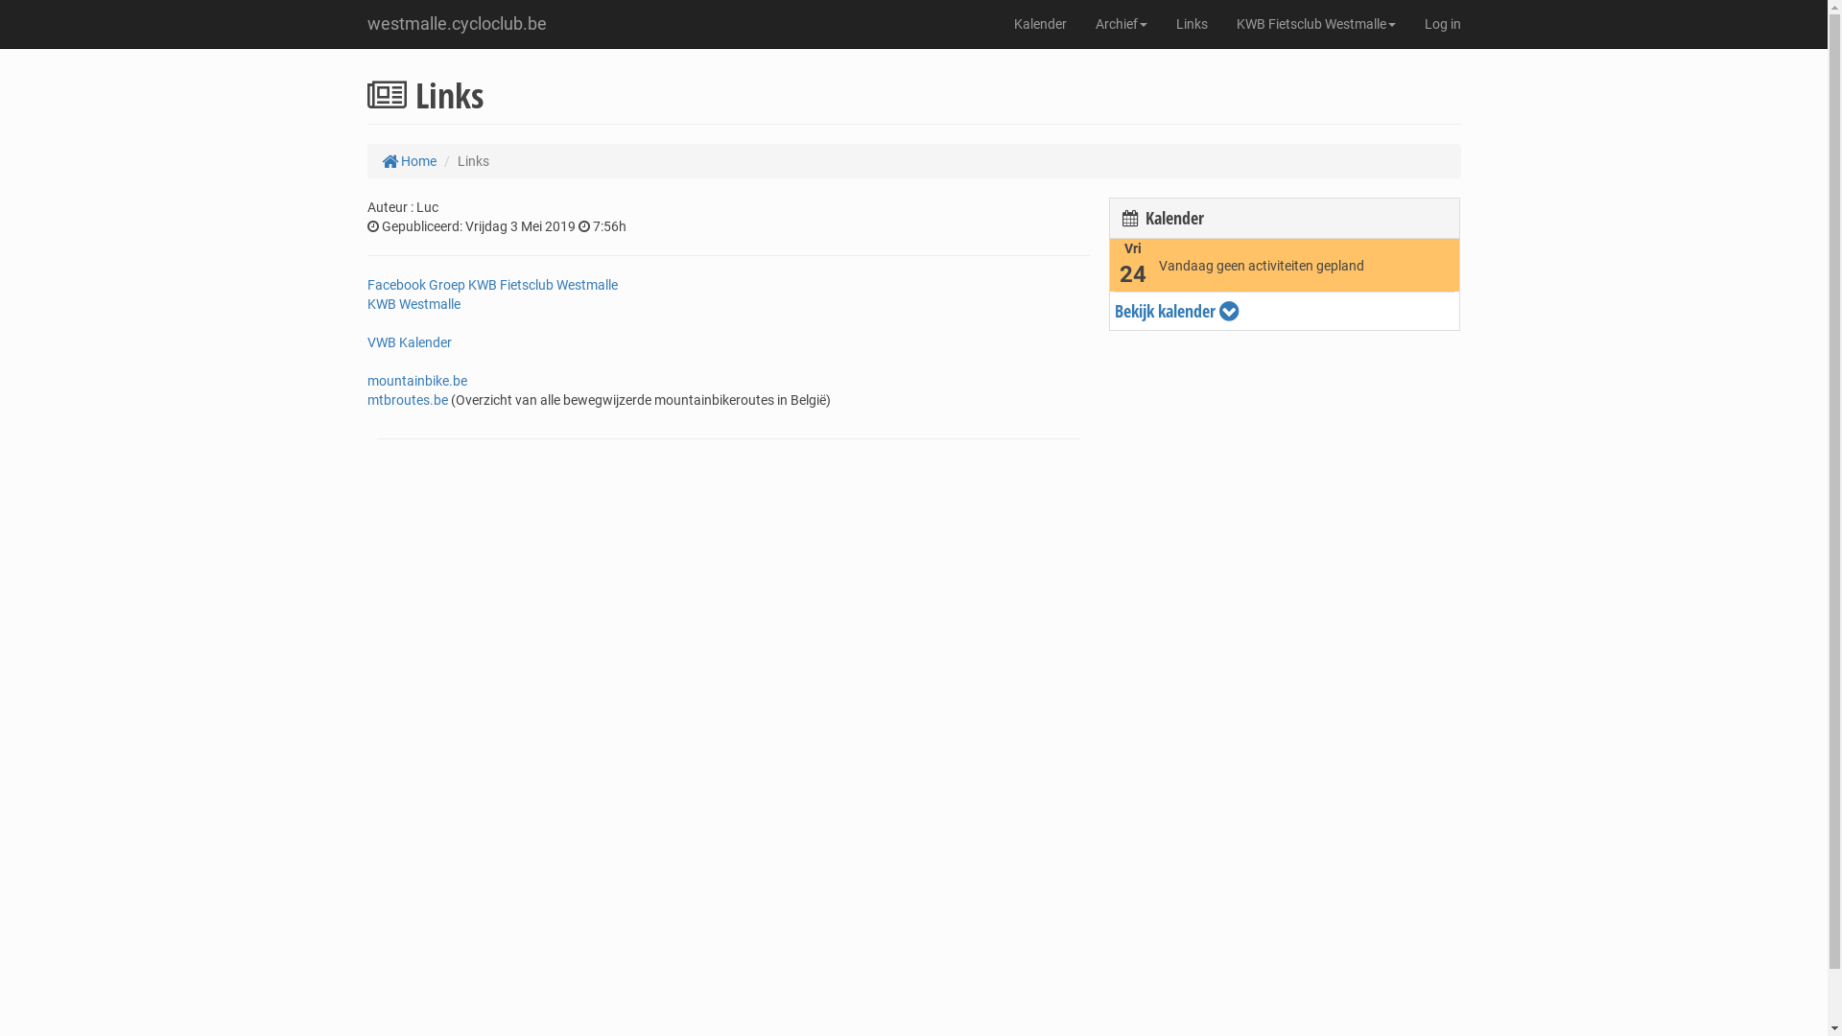 Image resolution: width=1842 pixels, height=1036 pixels. Describe the element at coordinates (408, 160) in the screenshot. I see `'Home'` at that location.